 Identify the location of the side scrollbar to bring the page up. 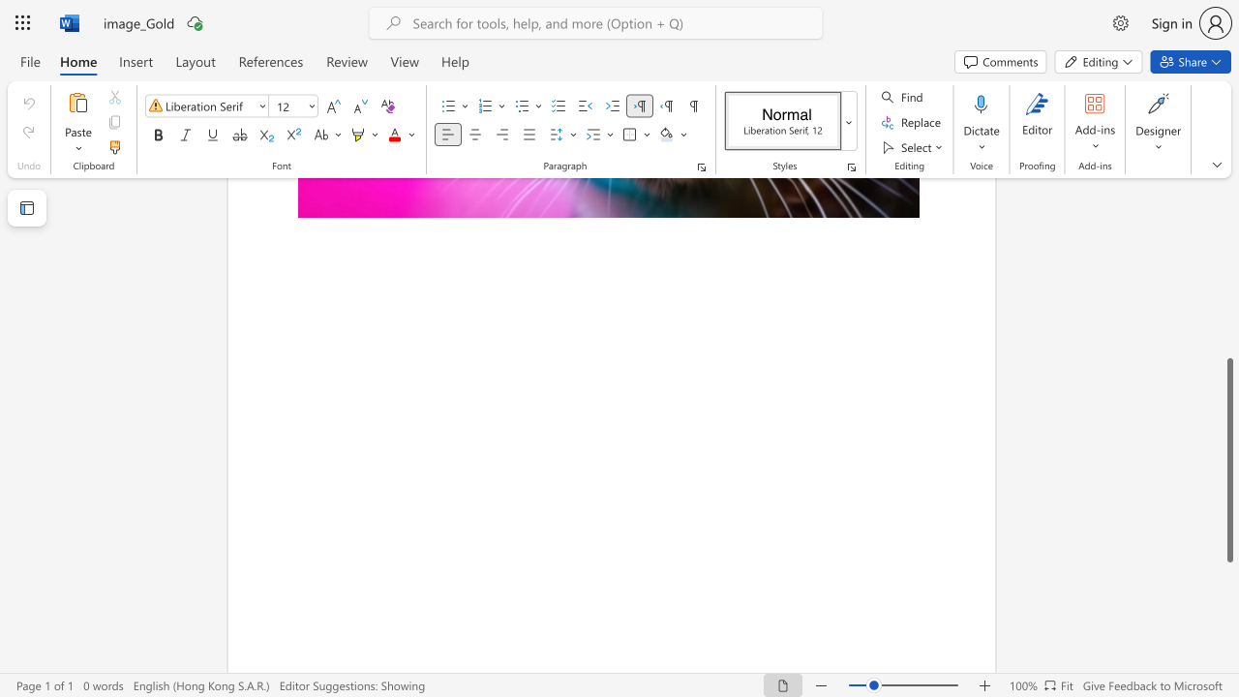
(1228, 240).